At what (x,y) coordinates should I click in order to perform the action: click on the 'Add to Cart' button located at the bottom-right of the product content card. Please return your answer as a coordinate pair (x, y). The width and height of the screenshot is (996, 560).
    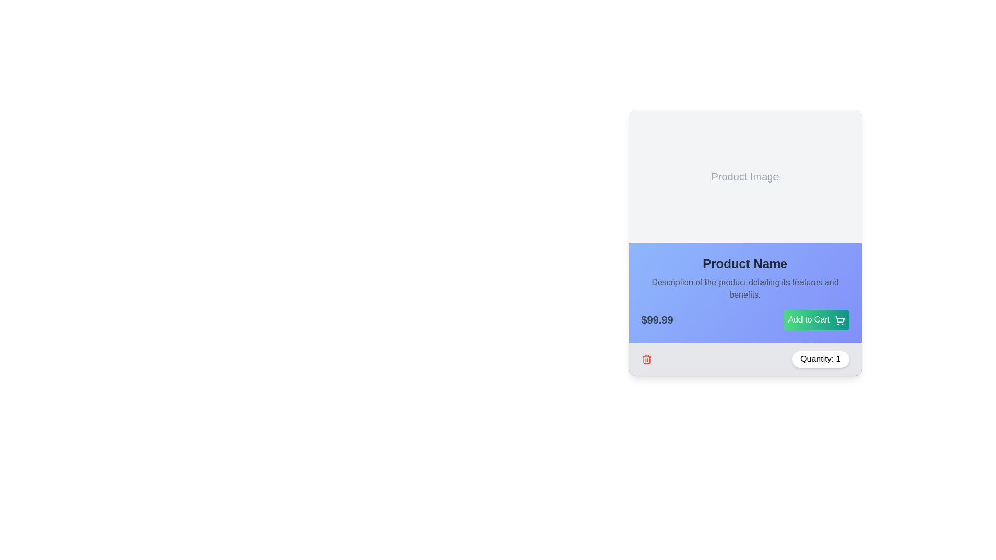
    Looking at the image, I should click on (815, 319).